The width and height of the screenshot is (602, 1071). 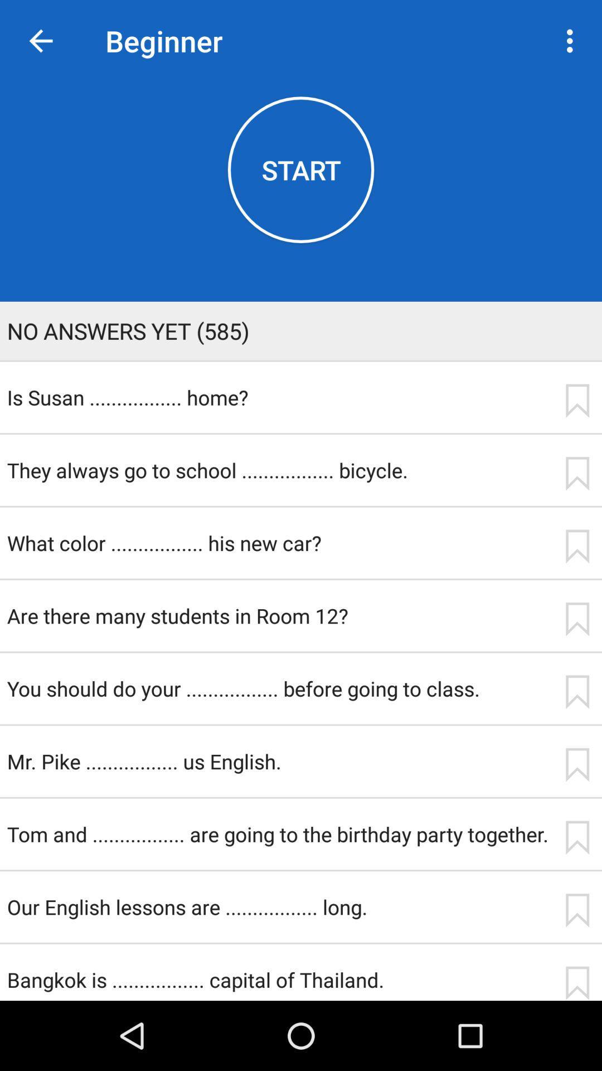 What do you see at coordinates (577, 619) in the screenshot?
I see `bookmark answer` at bounding box center [577, 619].